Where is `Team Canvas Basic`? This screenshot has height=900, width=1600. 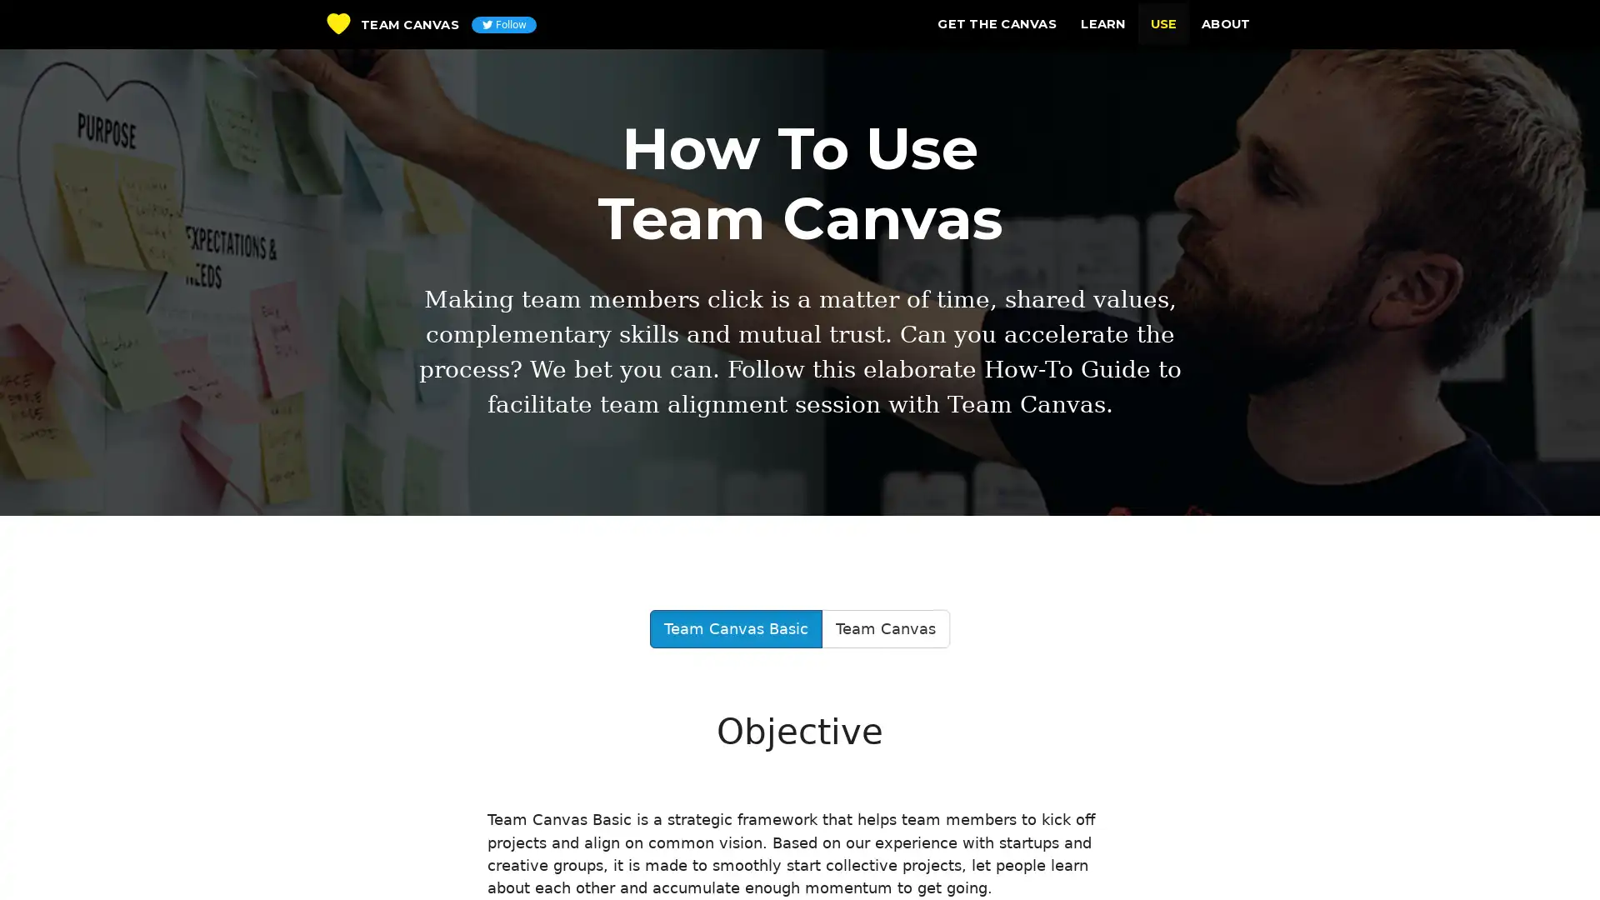
Team Canvas Basic is located at coordinates (735, 629).